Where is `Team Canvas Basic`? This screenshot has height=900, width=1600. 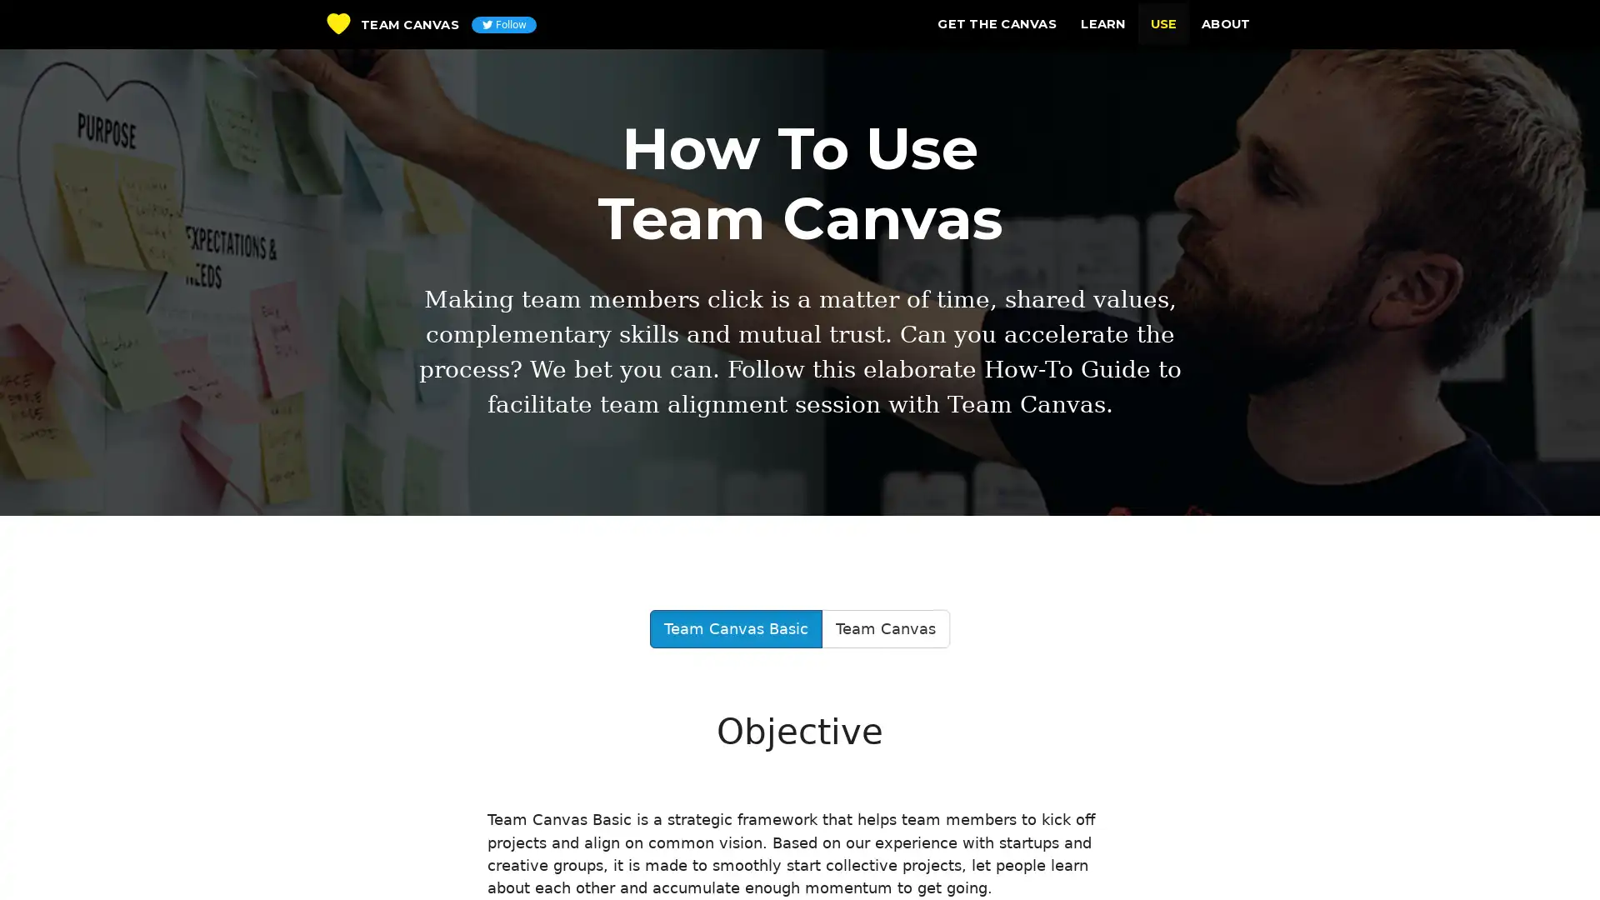
Team Canvas Basic is located at coordinates (735, 629).